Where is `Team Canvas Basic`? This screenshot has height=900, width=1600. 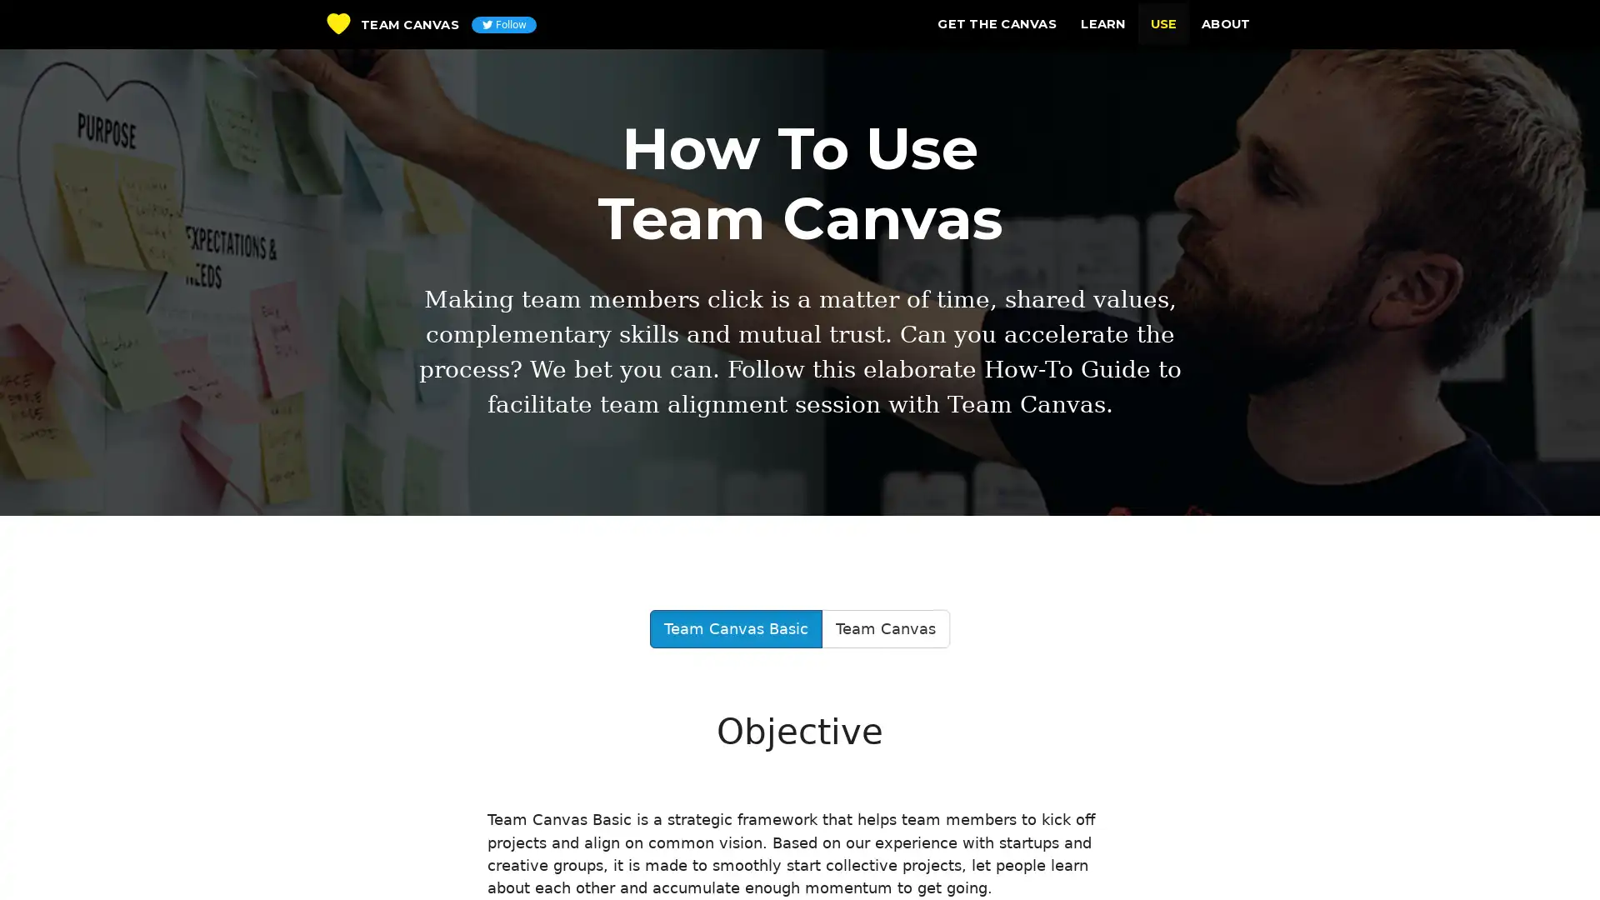
Team Canvas Basic is located at coordinates (735, 629).